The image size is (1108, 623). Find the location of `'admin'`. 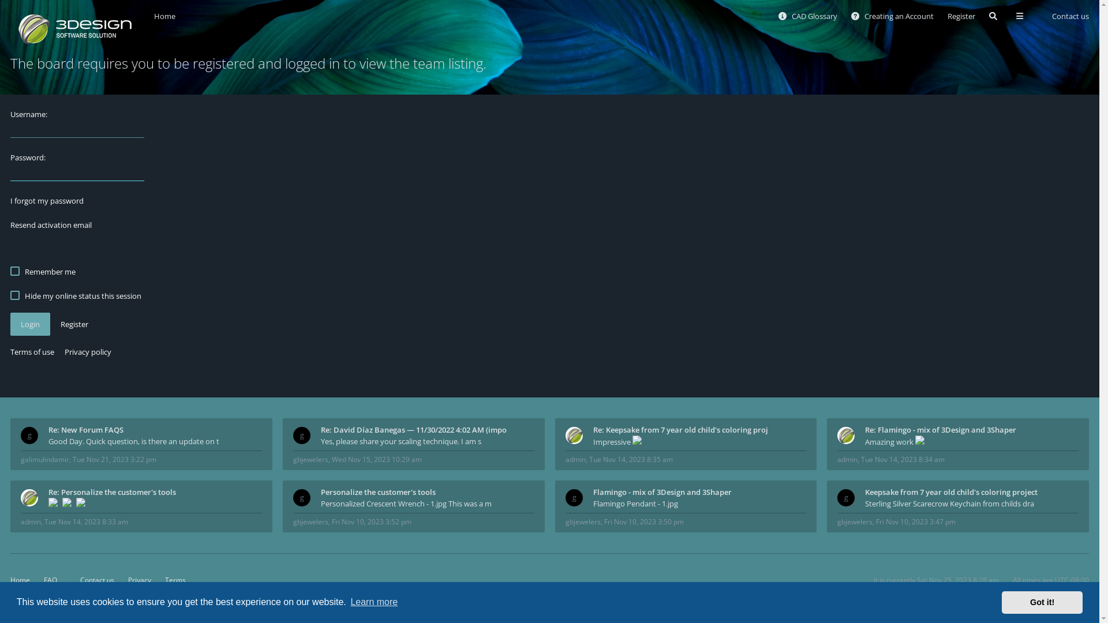

'admin' is located at coordinates (31, 521).